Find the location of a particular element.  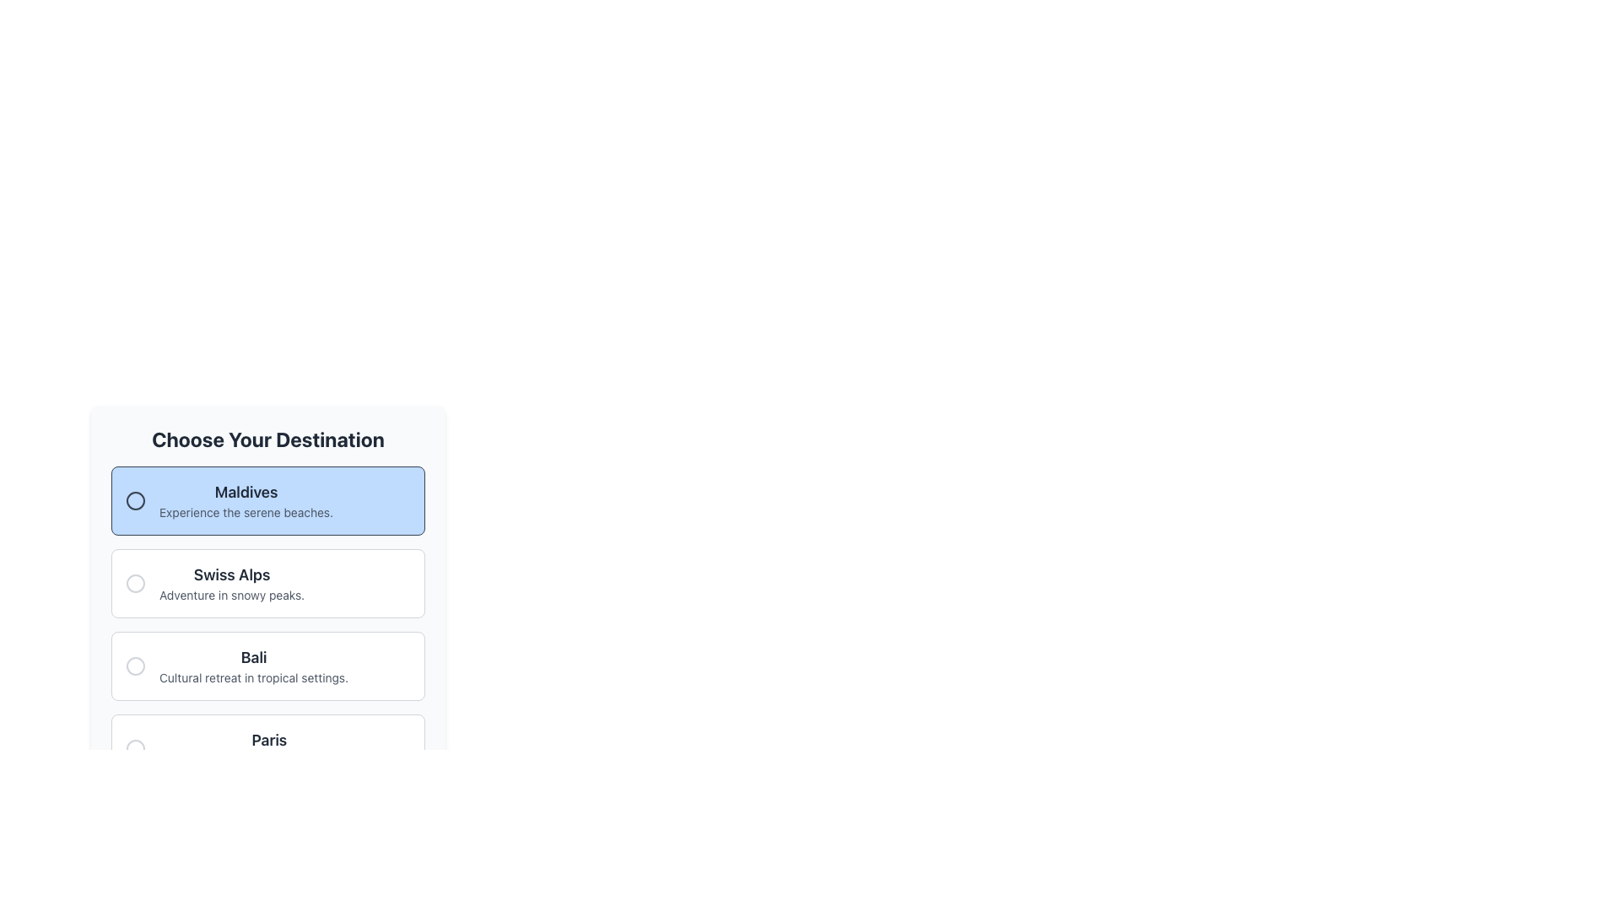

the text description element that provides information about the destination 'Swiss Alps', located directly below the 'Swiss Alps' text in a vertically stacked list of selectable destination options is located at coordinates (231, 594).